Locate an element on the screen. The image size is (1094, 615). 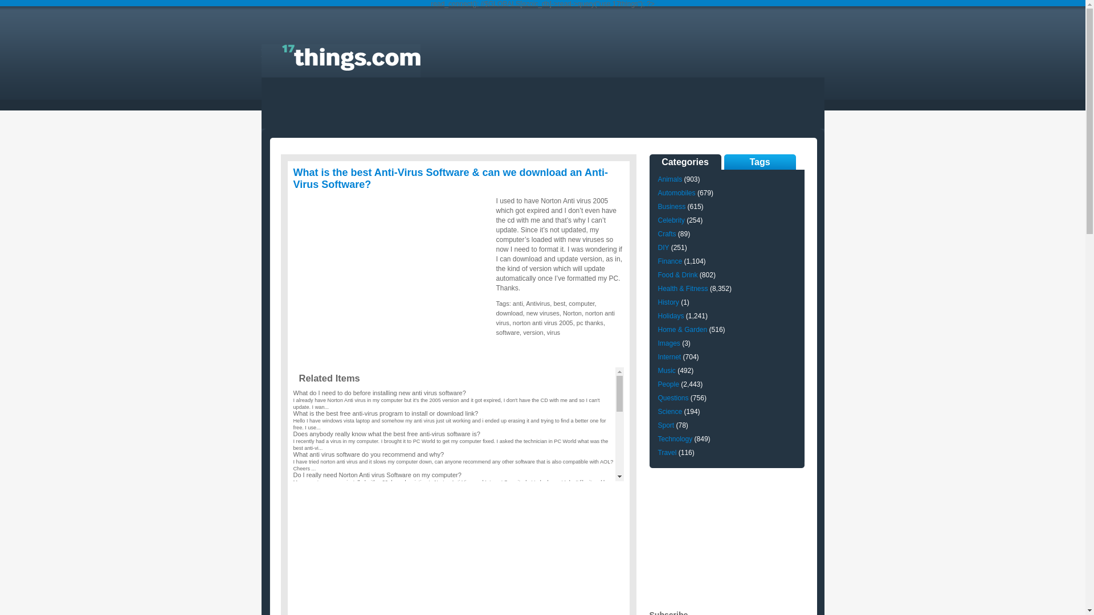
'best' is located at coordinates (553, 302).